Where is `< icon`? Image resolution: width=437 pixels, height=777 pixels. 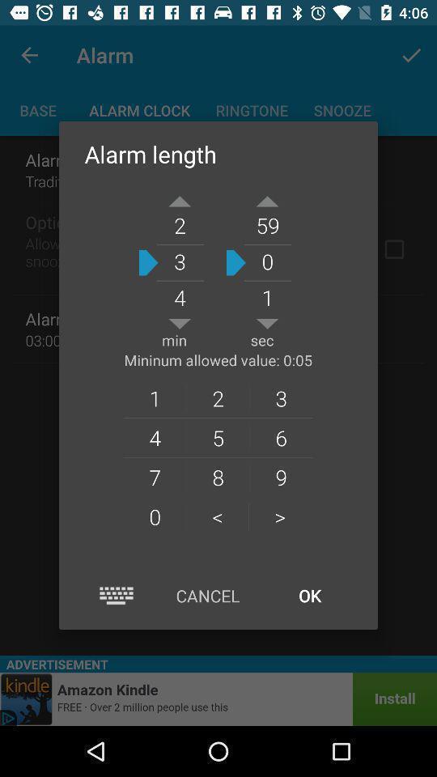 < icon is located at coordinates (218, 516).